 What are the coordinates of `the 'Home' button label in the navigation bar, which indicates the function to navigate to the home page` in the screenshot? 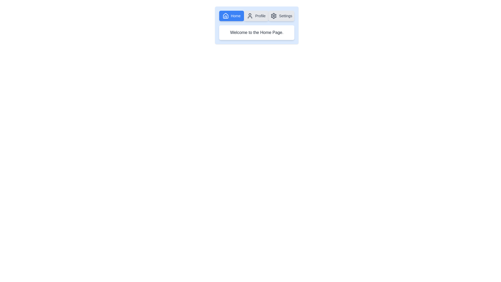 It's located at (235, 16).